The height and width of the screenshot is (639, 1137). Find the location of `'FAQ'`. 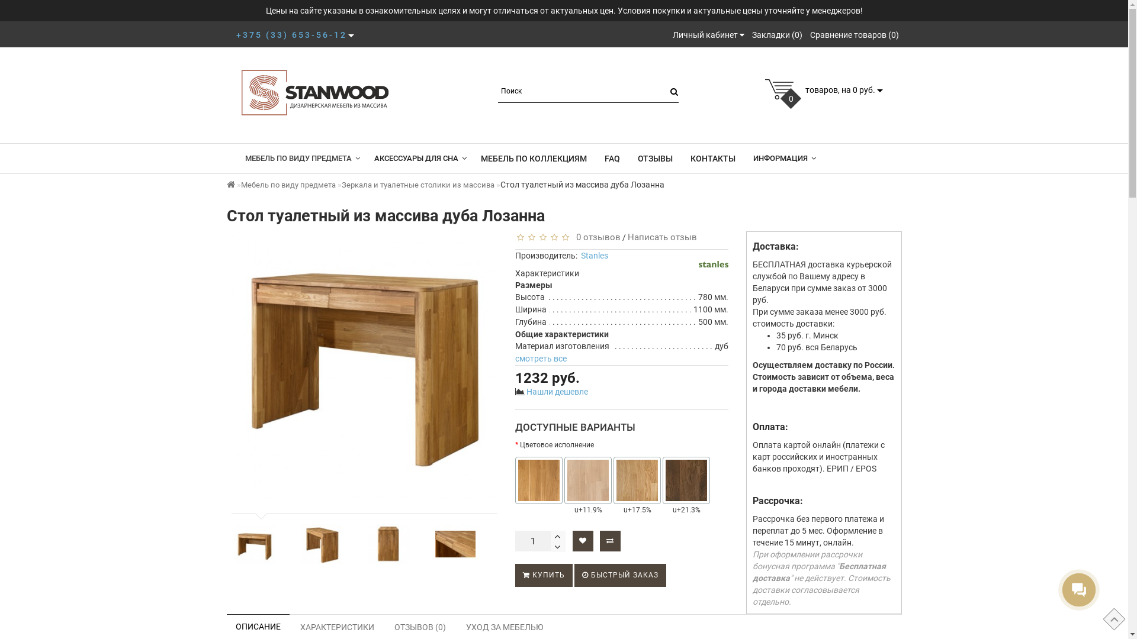

'FAQ' is located at coordinates (612, 157).